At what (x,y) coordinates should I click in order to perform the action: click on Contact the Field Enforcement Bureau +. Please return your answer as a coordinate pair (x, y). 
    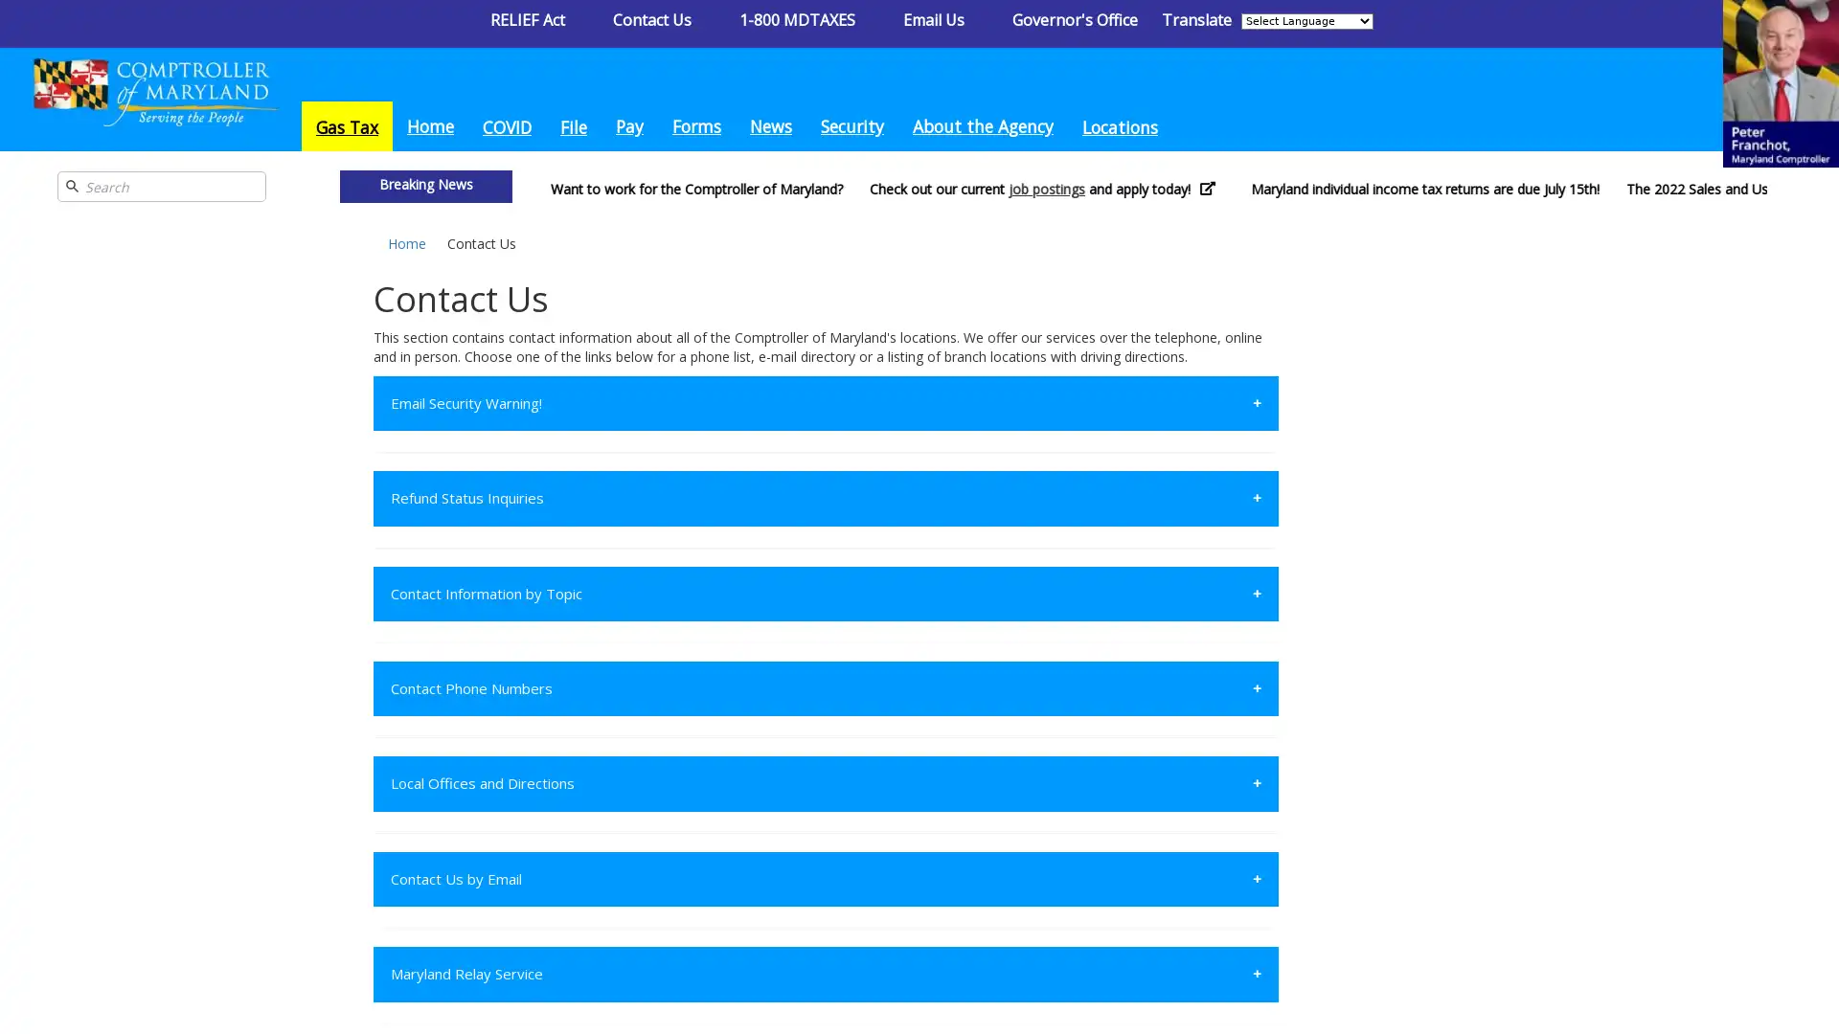
    Looking at the image, I should click on (826, 667).